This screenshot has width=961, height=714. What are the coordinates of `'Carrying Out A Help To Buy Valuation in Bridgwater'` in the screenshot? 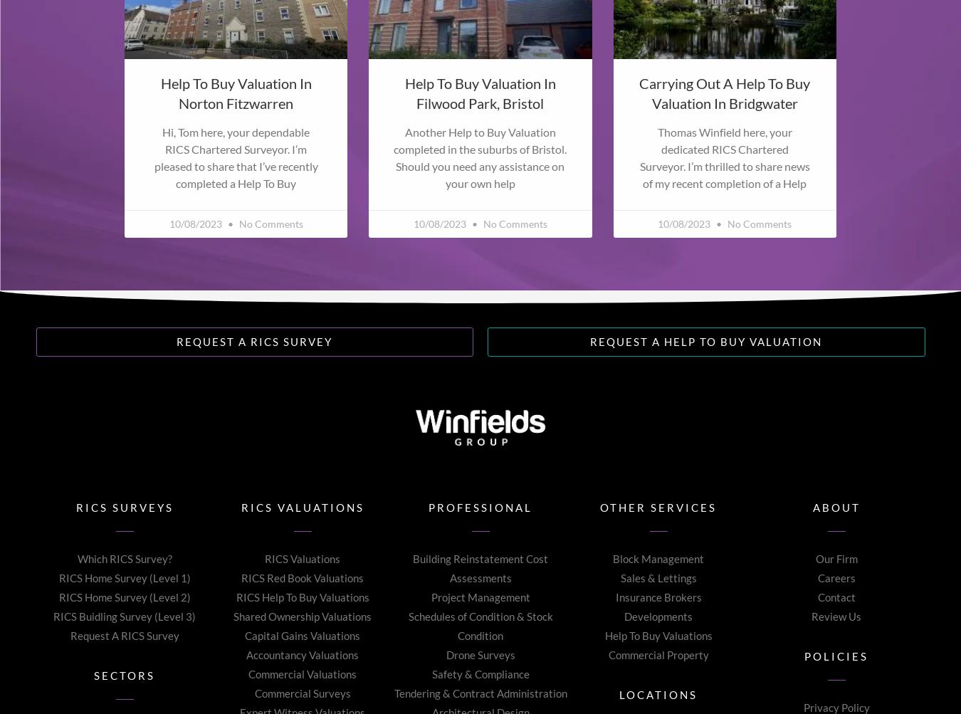 It's located at (725, 91).